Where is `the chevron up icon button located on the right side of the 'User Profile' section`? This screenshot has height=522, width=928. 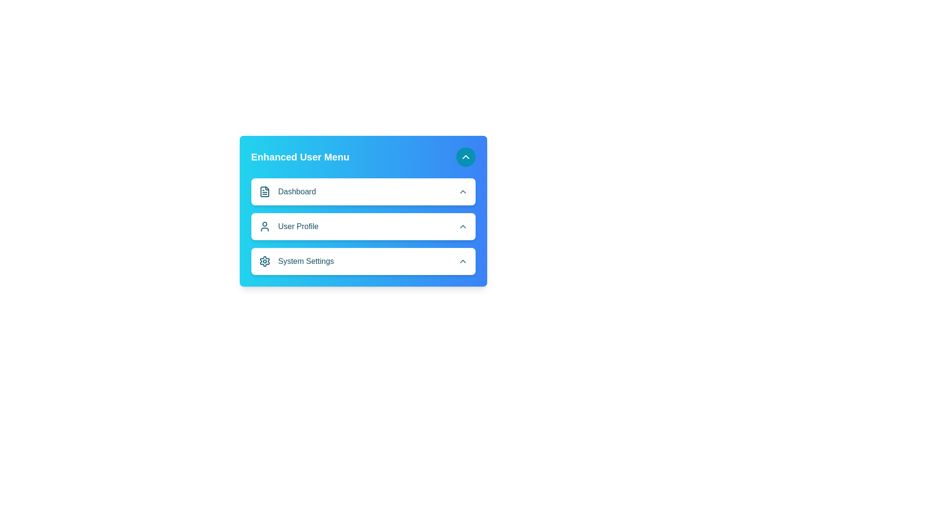 the chevron up icon button located on the right side of the 'User Profile' section is located at coordinates (462, 227).